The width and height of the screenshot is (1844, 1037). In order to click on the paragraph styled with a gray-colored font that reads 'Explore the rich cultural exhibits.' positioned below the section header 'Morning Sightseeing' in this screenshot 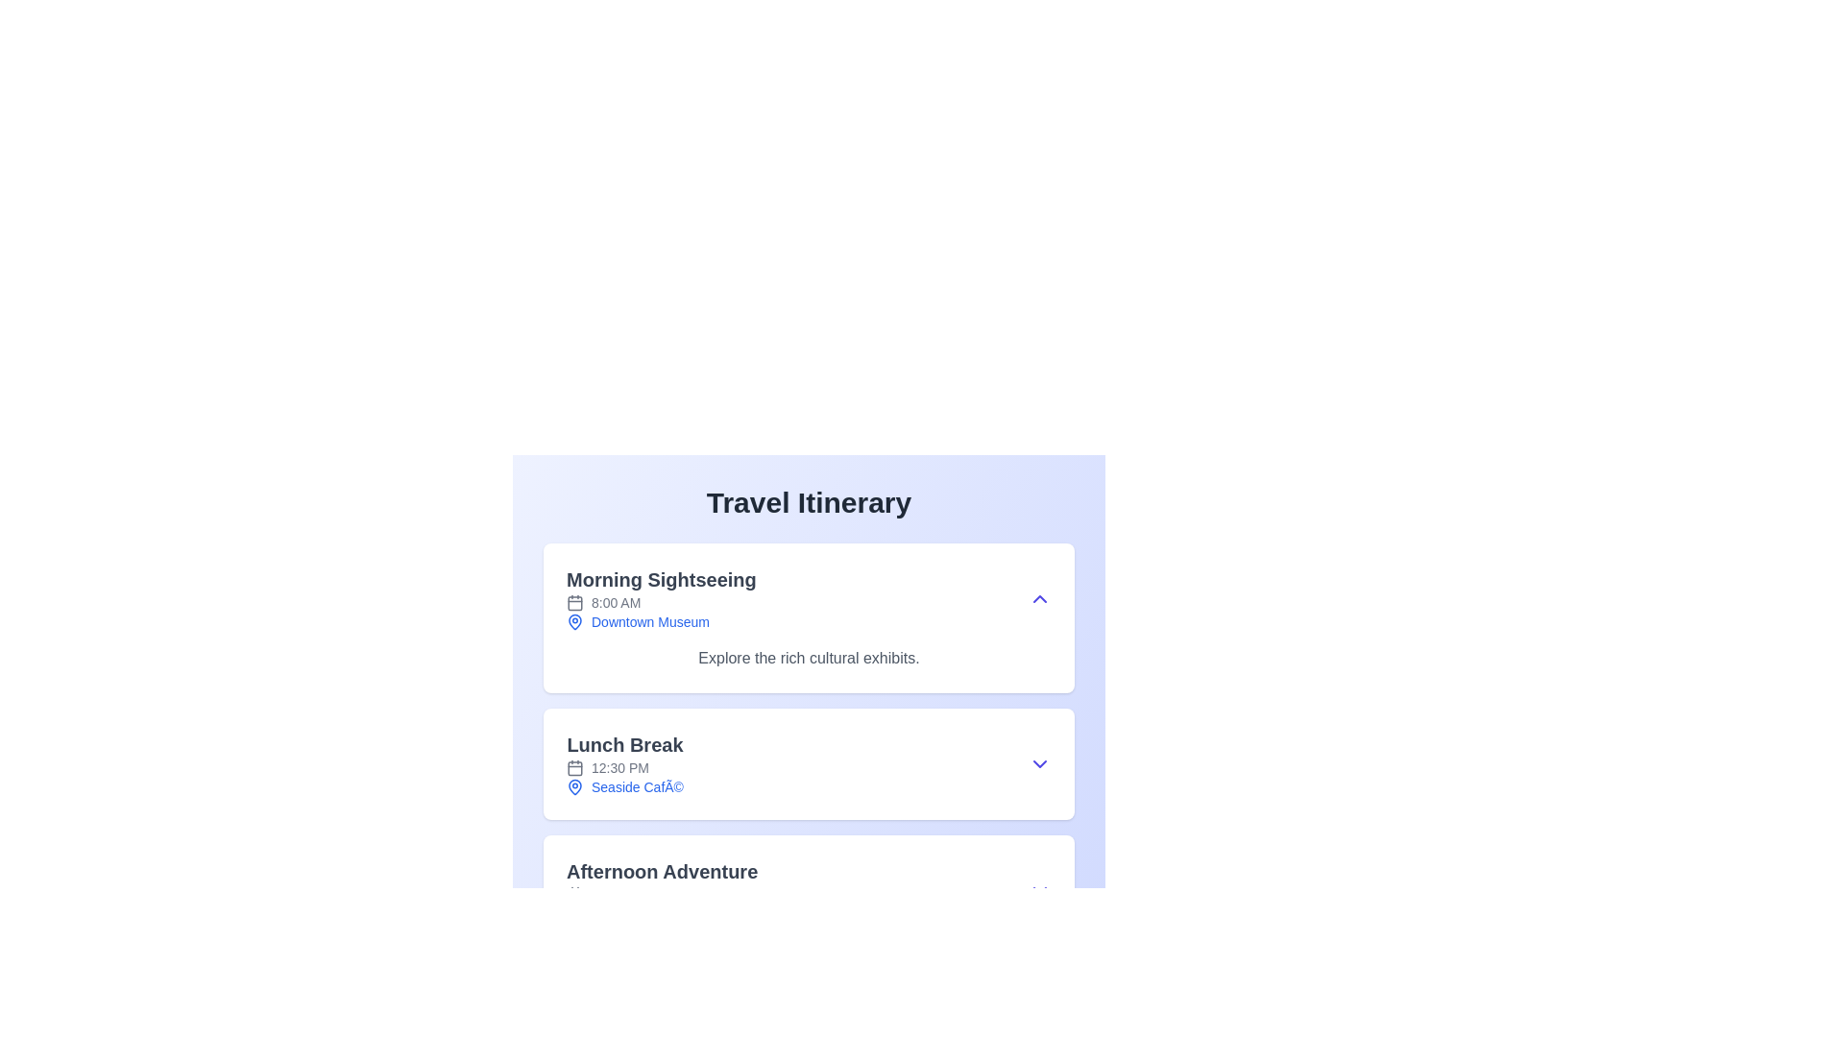, I will do `click(809, 658)`.